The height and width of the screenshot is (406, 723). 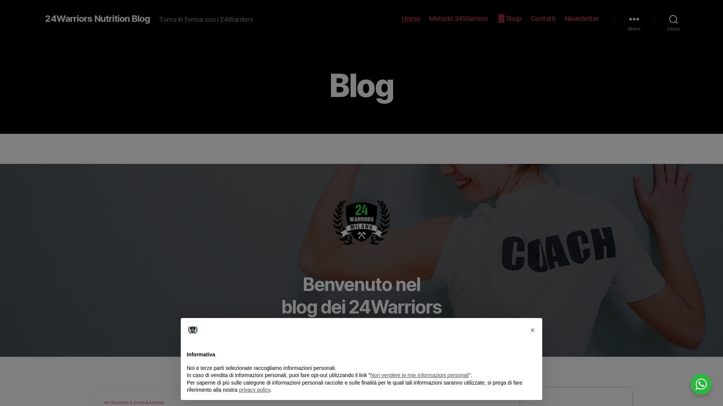 I want to click on 'Menu', so click(x=634, y=18).